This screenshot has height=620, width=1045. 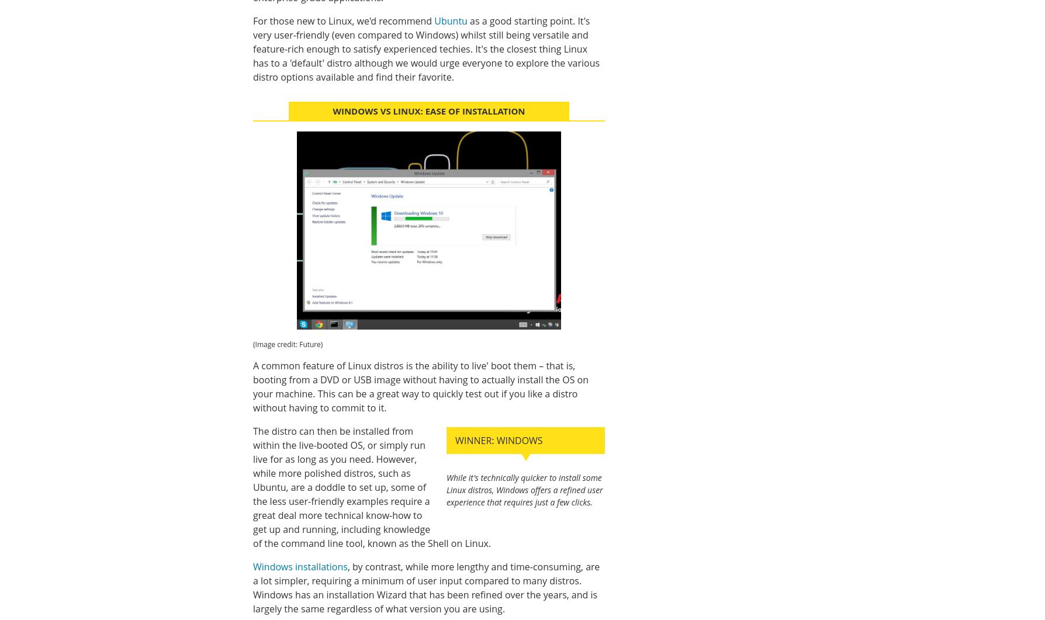 What do you see at coordinates (300, 566) in the screenshot?
I see `'Windows installations'` at bounding box center [300, 566].